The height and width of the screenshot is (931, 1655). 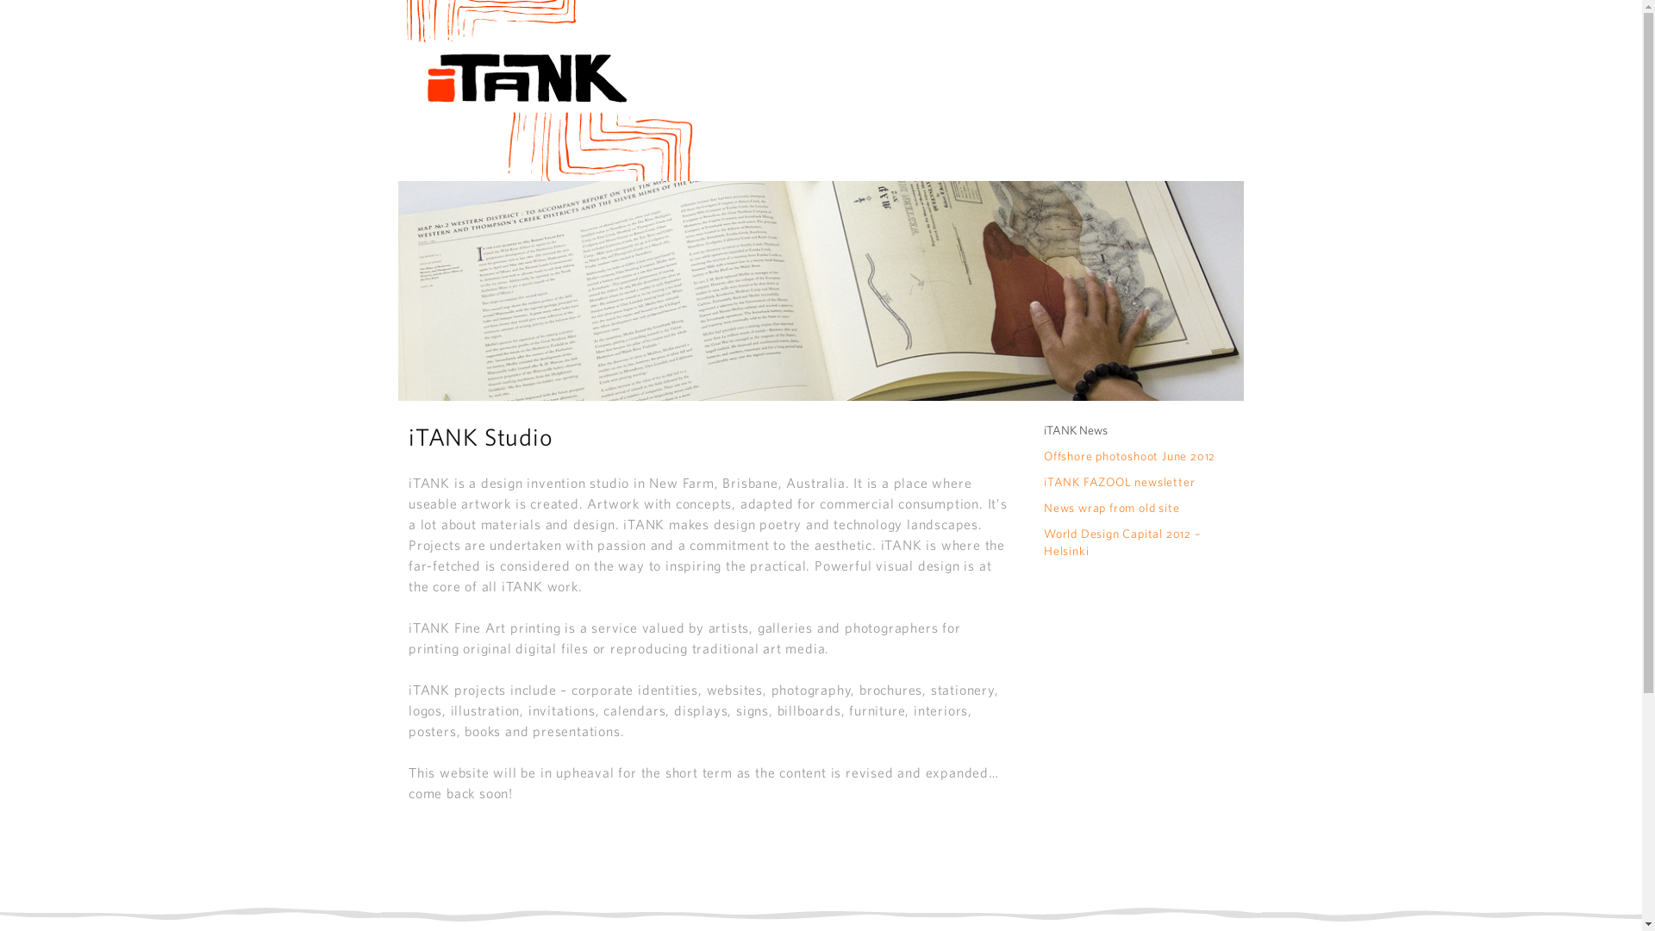 What do you see at coordinates (545, 90) in the screenshot?
I see `'iTANK'` at bounding box center [545, 90].